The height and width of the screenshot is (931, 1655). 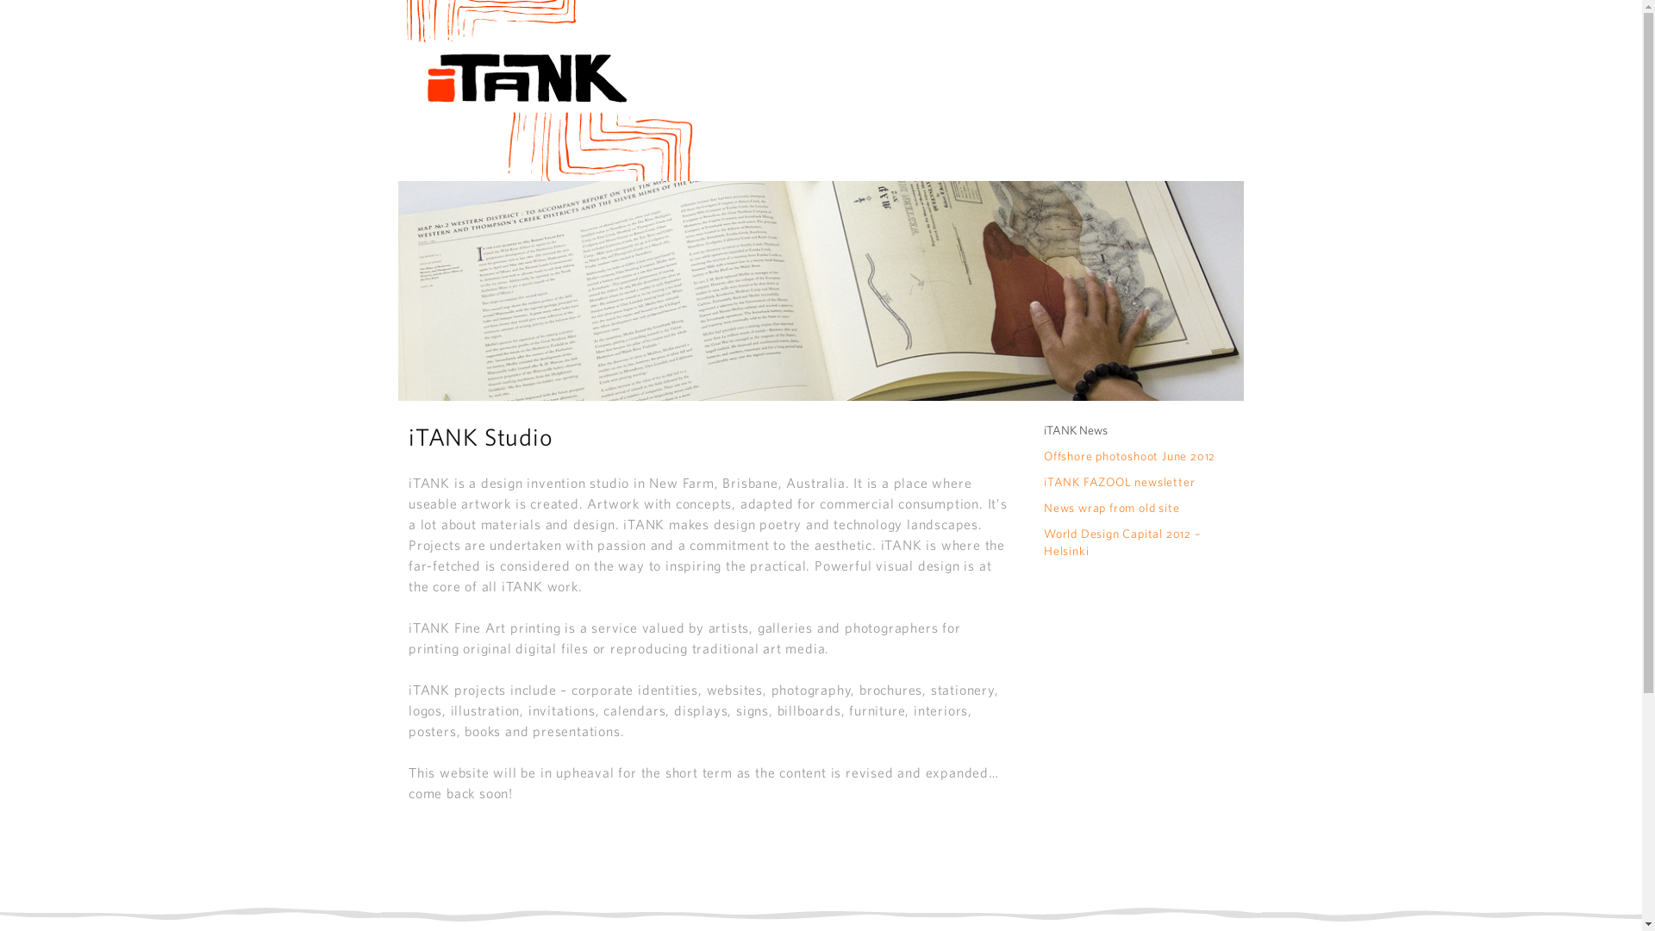 What do you see at coordinates (545, 90) in the screenshot?
I see `'iTANK'` at bounding box center [545, 90].